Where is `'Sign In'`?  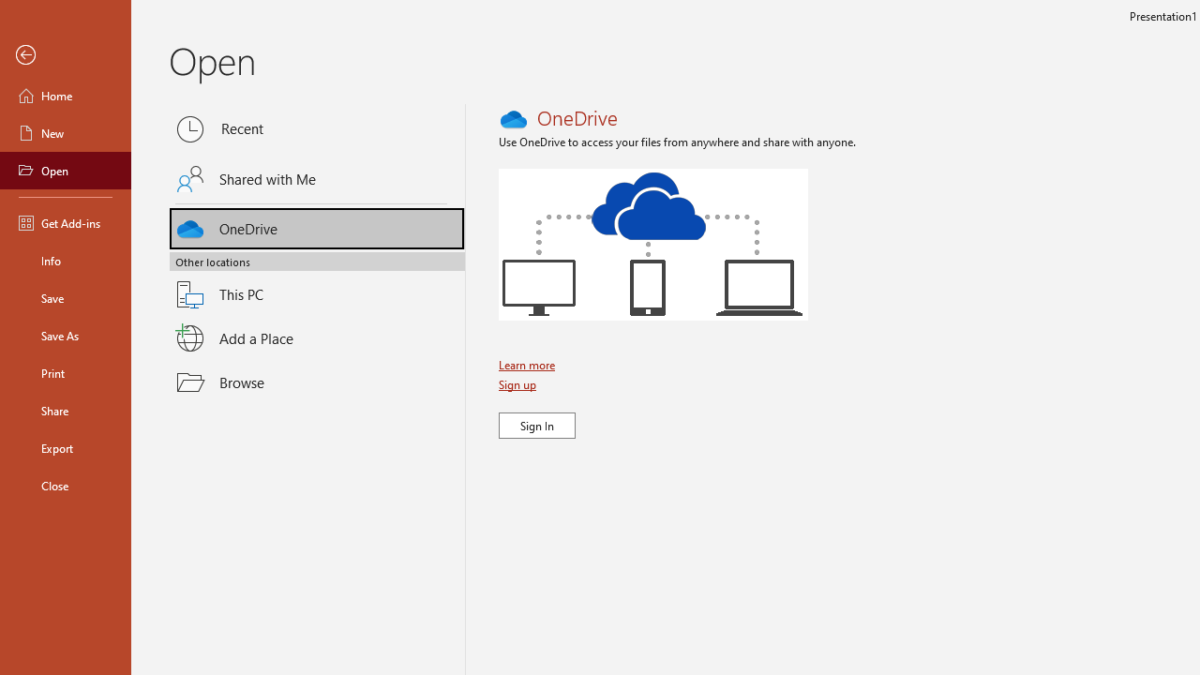
'Sign In' is located at coordinates (536, 425).